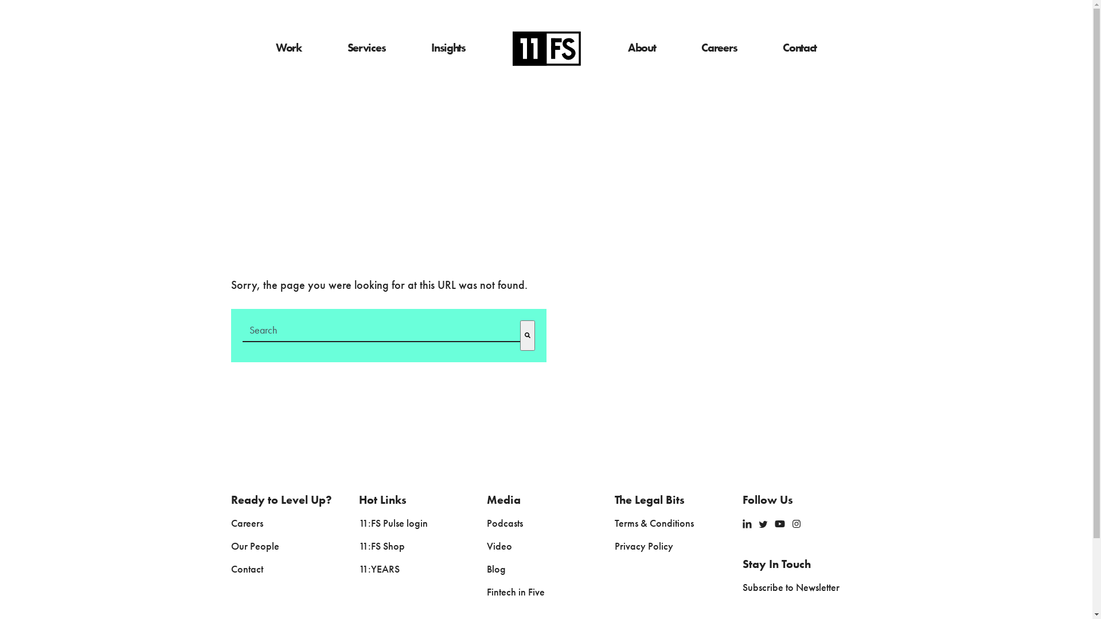  I want to click on '11:YEARS', so click(379, 570).